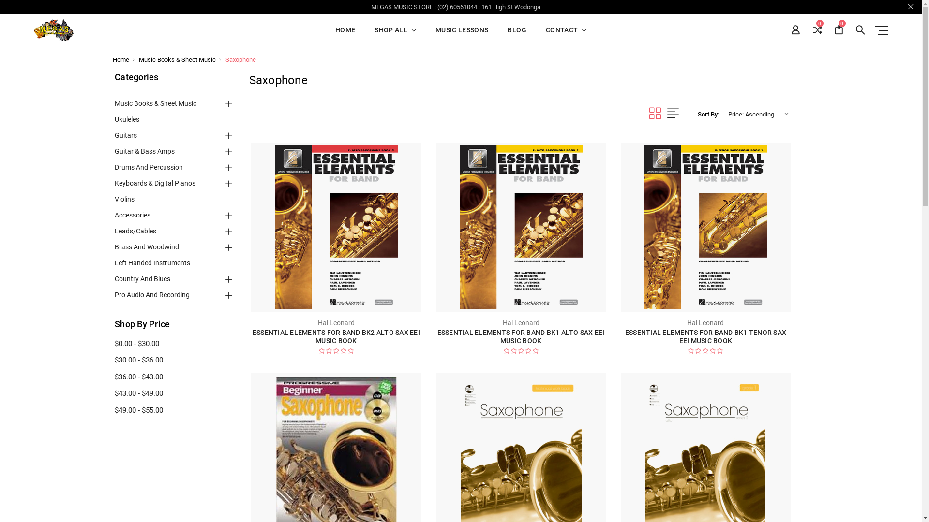 The height and width of the screenshot is (522, 929). Describe the element at coordinates (124, 199) in the screenshot. I see `'Violins'` at that location.